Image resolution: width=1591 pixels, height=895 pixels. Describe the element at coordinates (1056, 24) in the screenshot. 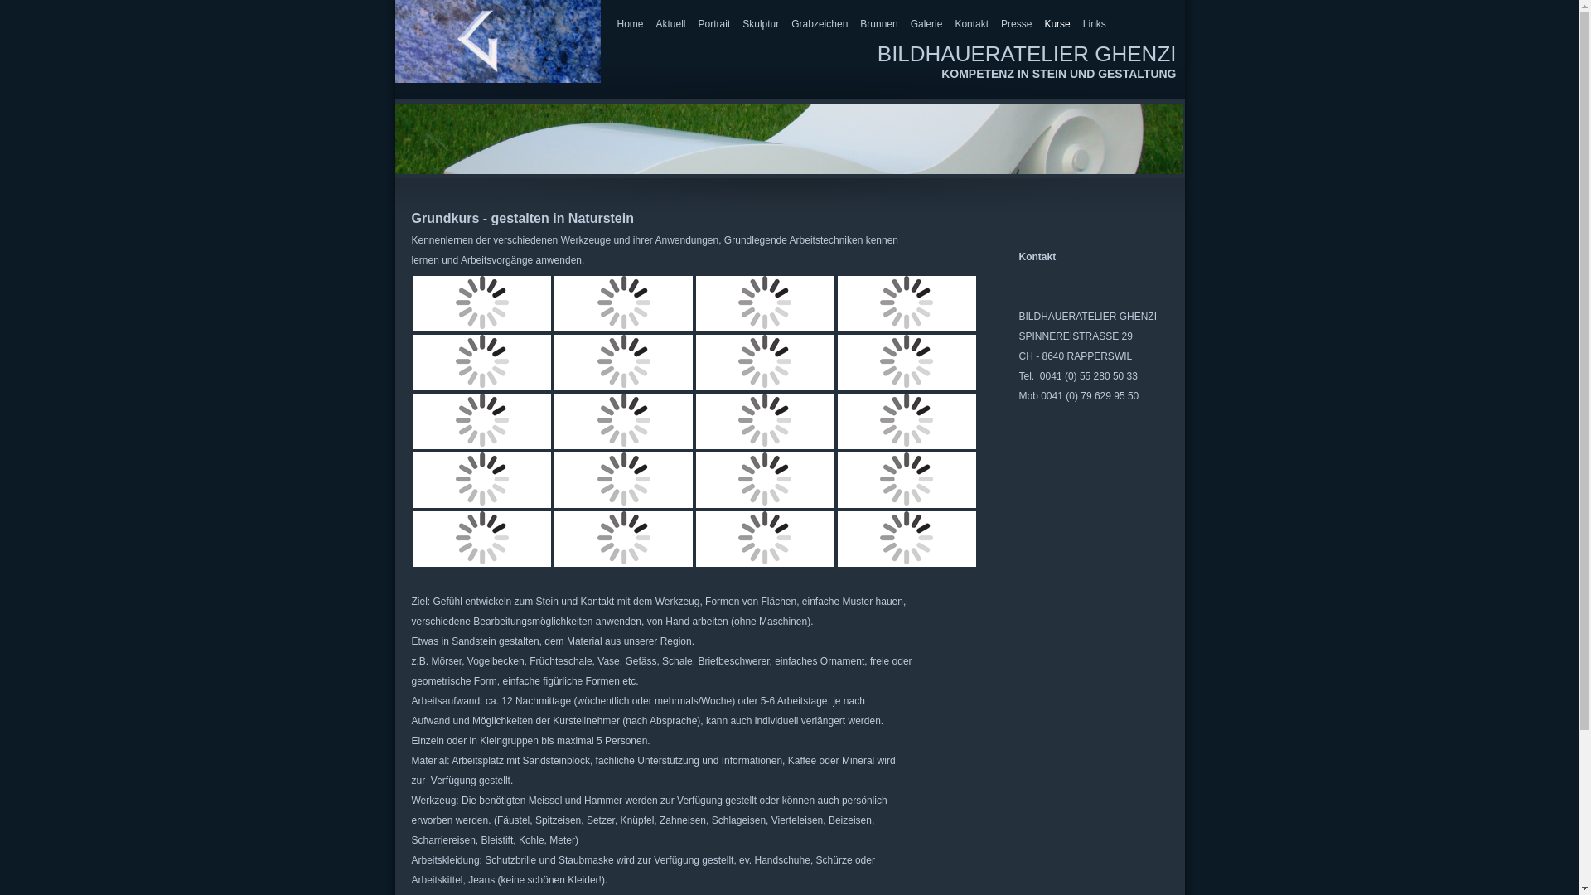

I see `'Kurse'` at that location.